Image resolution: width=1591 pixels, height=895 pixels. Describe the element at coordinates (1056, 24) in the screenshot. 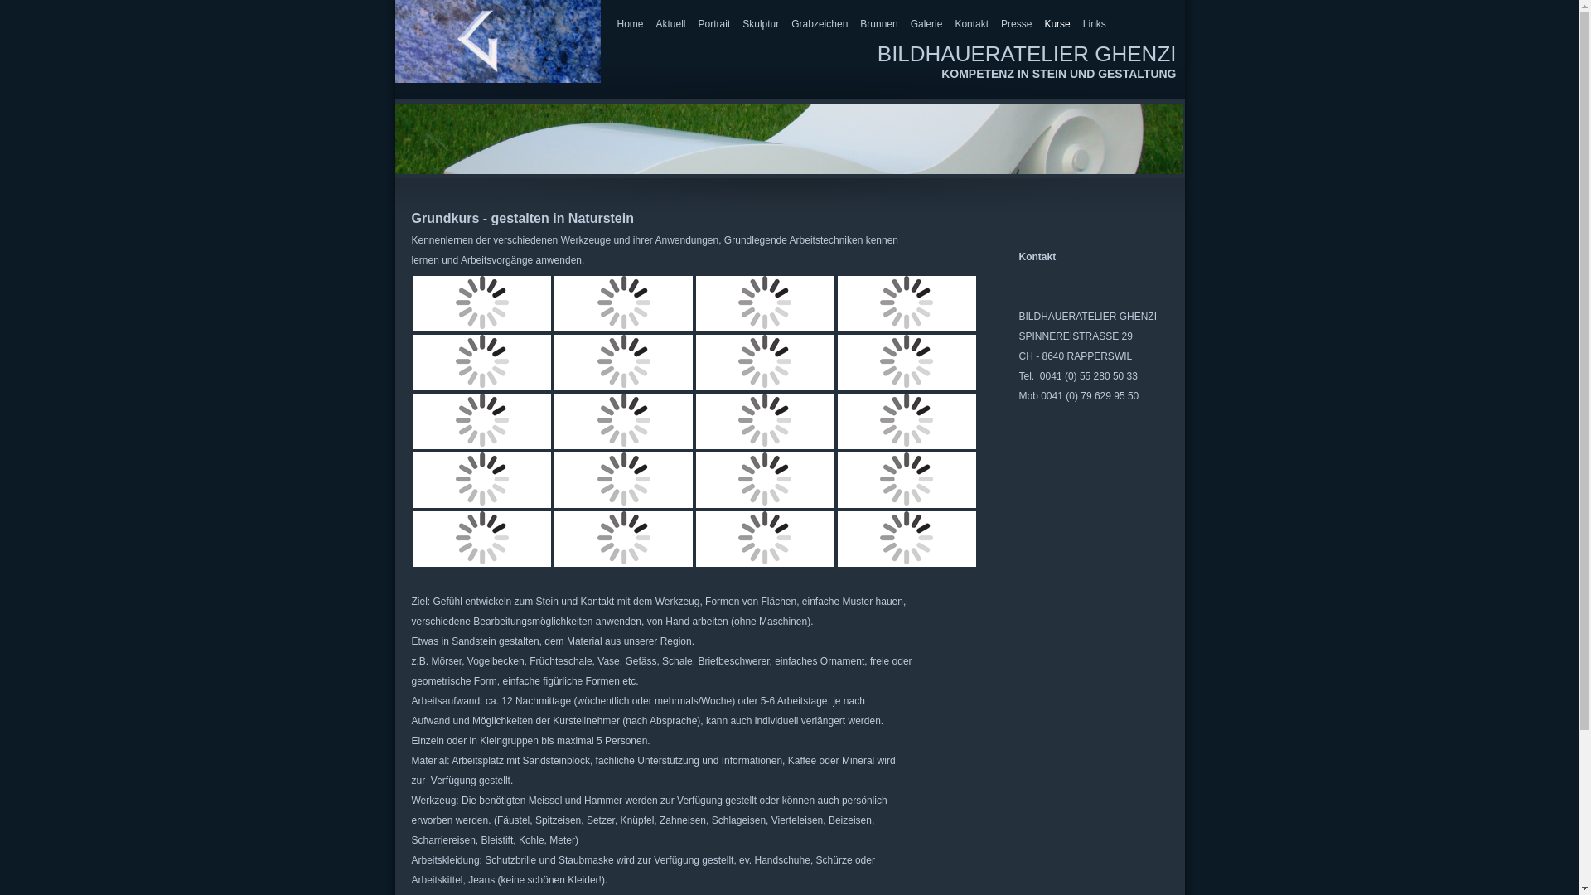

I see `'Kurse'` at that location.